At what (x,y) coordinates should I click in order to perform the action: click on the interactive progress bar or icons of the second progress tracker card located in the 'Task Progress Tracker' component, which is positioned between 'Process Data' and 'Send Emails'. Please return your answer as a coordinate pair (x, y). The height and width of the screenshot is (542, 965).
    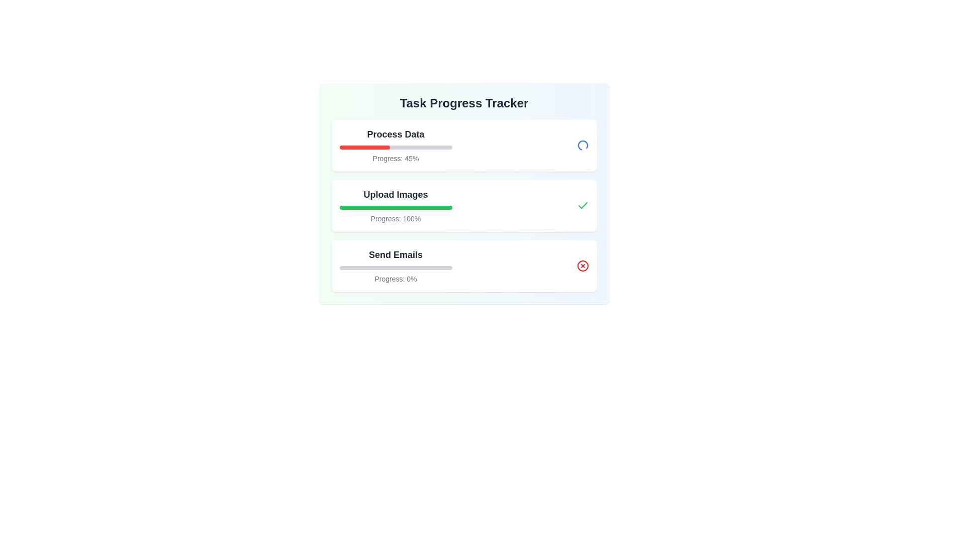
    Looking at the image, I should click on (463, 205).